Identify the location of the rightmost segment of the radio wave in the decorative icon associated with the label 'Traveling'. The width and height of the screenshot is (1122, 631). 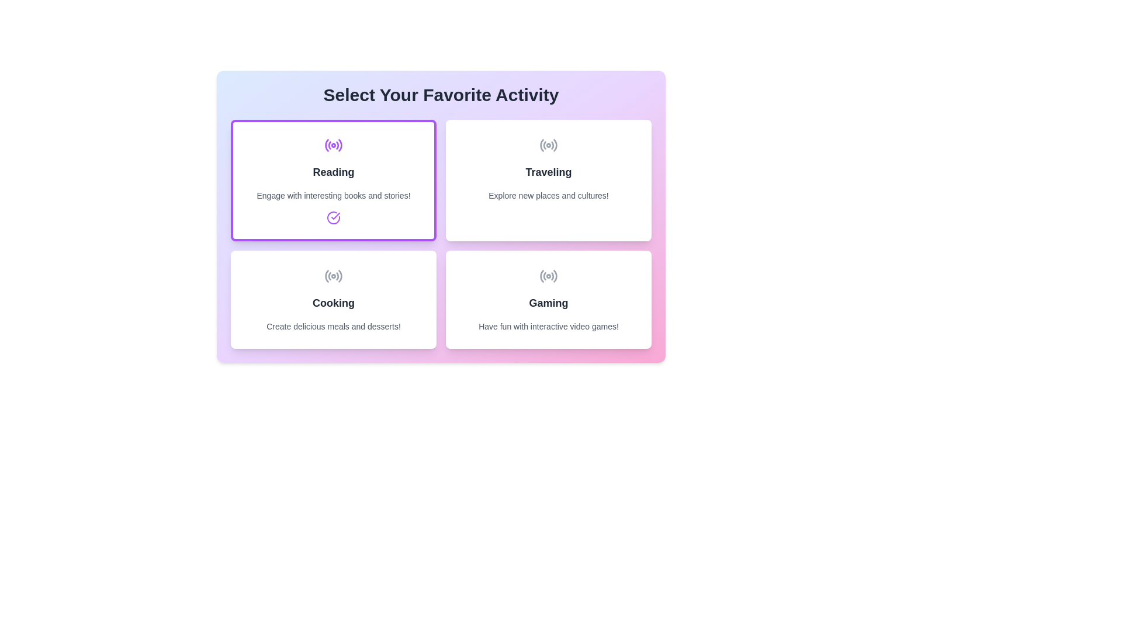
(555, 144).